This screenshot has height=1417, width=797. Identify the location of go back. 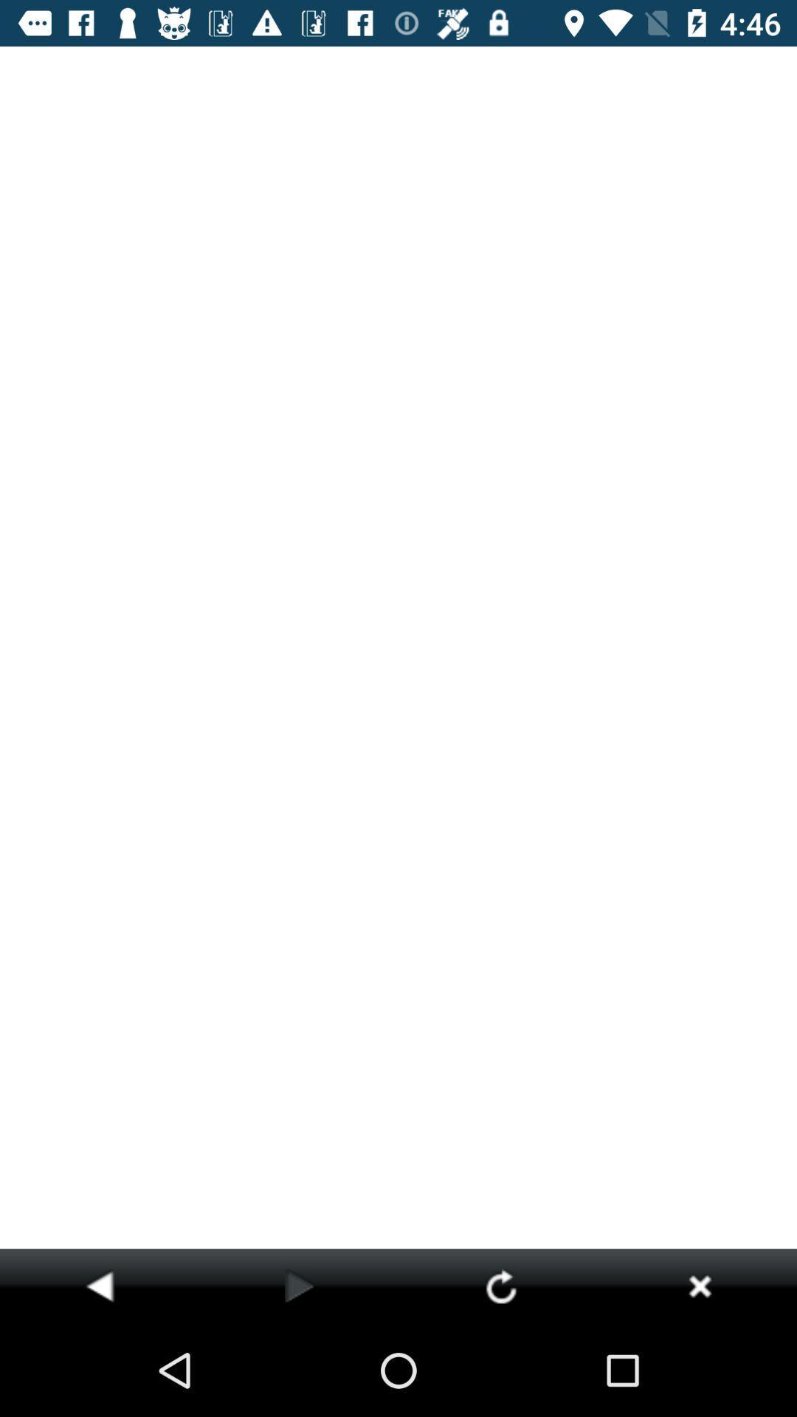
(100, 1285).